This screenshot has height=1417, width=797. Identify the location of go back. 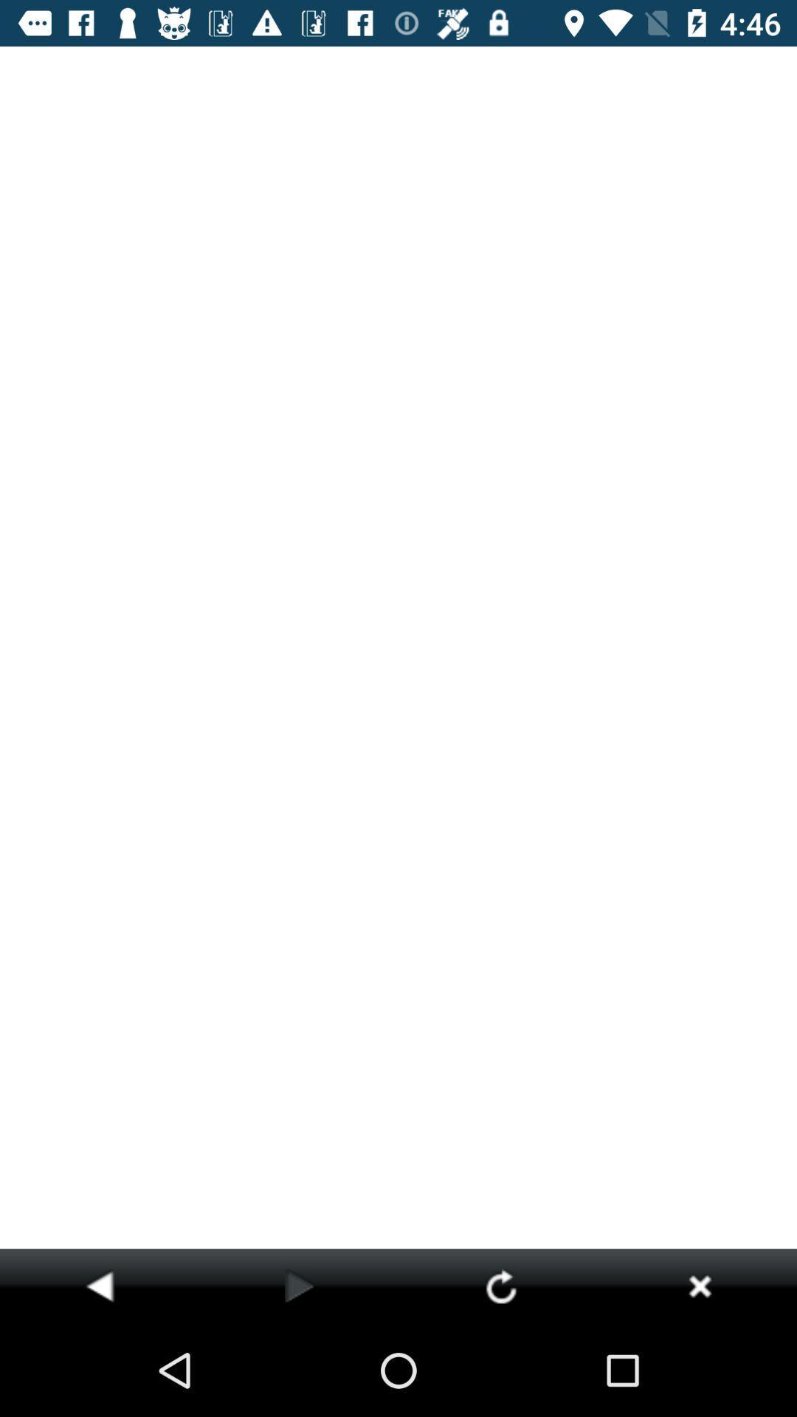
(100, 1285).